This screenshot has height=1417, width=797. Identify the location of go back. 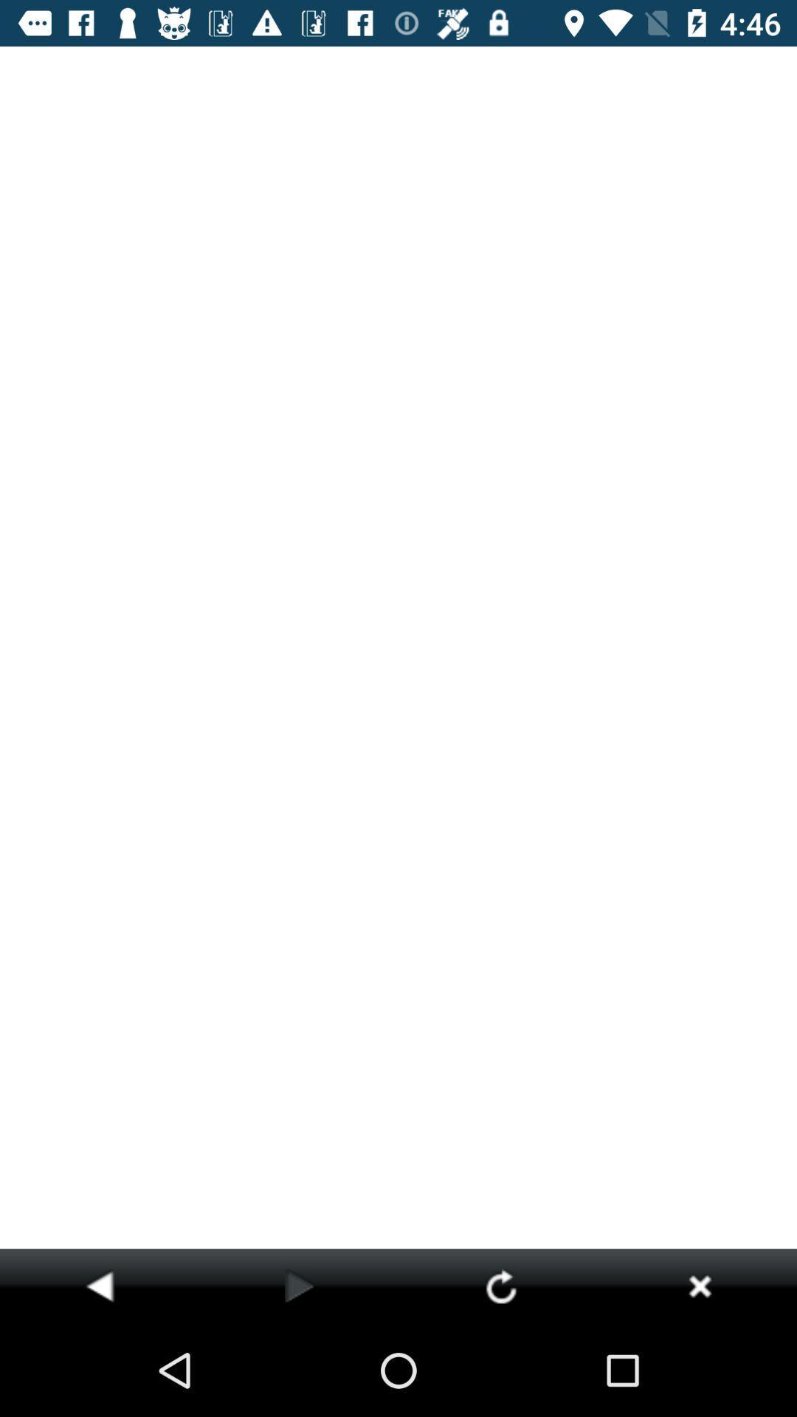
(100, 1285).